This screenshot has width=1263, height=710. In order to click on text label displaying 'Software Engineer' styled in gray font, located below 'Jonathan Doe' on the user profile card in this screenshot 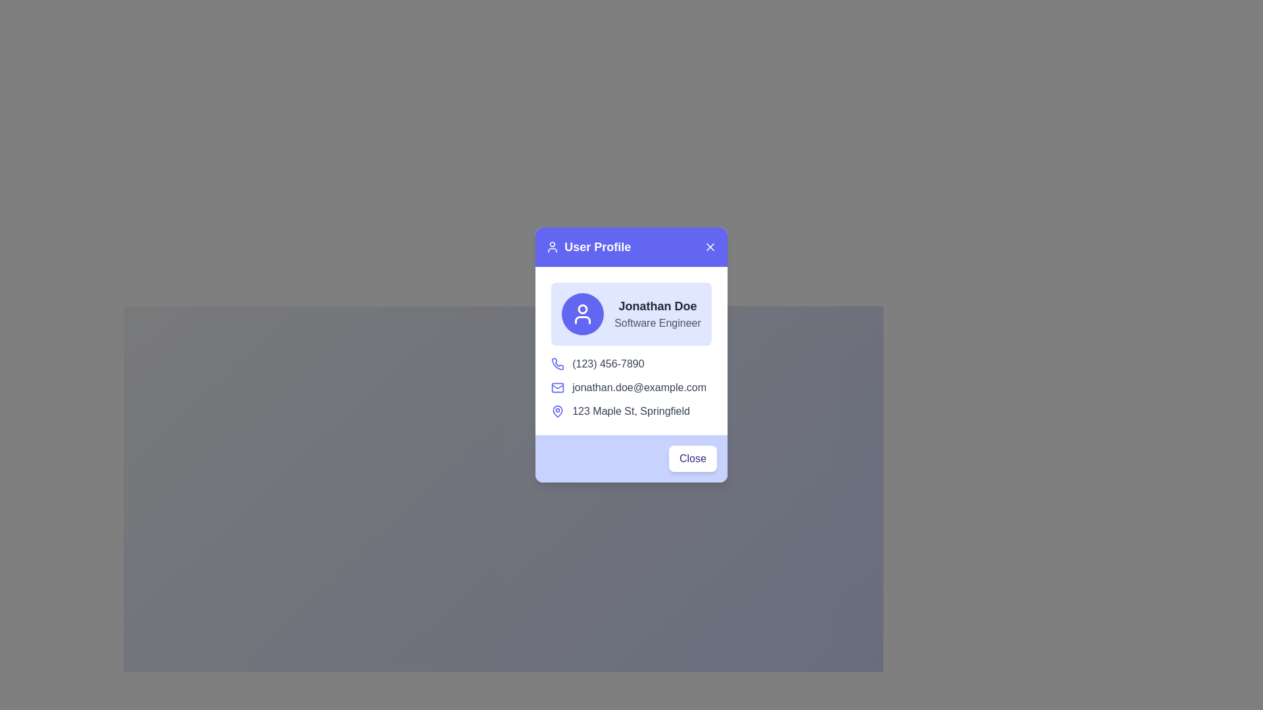, I will do `click(657, 323)`.